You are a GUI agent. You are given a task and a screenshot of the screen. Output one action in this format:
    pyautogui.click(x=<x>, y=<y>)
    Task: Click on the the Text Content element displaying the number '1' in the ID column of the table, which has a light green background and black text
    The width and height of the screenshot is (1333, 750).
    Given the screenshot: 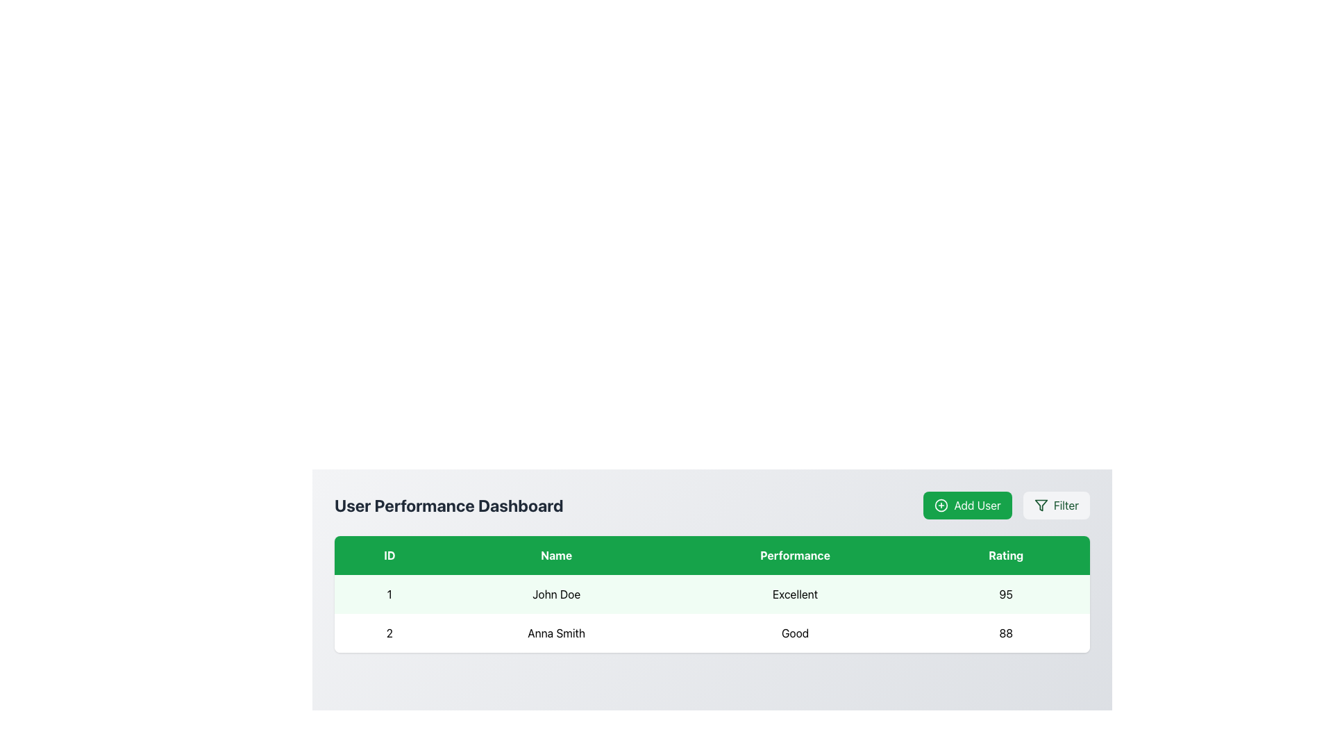 What is the action you would take?
    pyautogui.click(x=389, y=594)
    